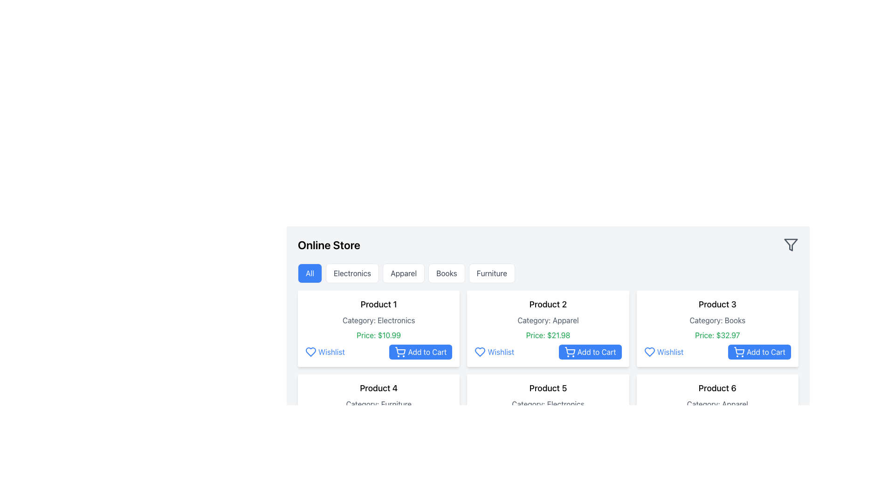  What do you see at coordinates (404, 272) in the screenshot?
I see `the category filter button for 'Apparel', which is the third button from the left in a horizontal list of category buttons` at bounding box center [404, 272].